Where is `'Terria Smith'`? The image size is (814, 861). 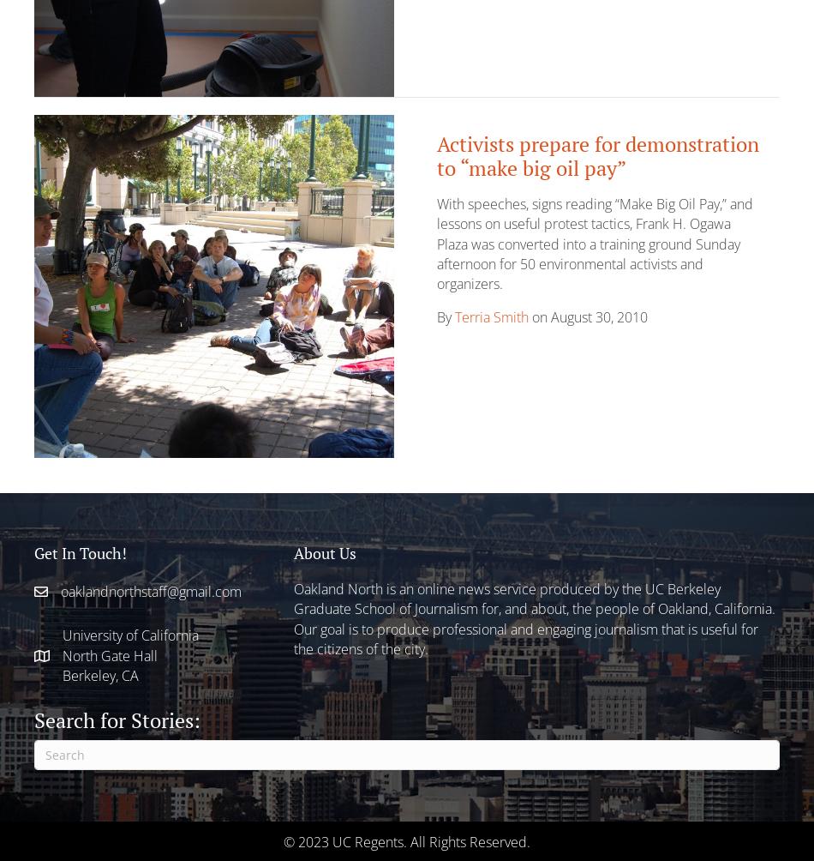 'Terria Smith' is located at coordinates (454, 316).